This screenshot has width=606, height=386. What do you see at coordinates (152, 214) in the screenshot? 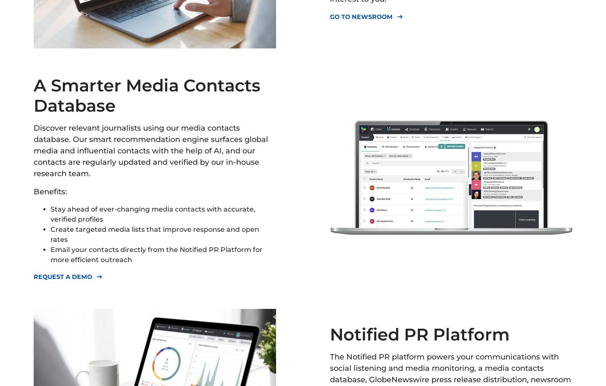
I see `'Stay ahead of ever-changing media contacts with accurate, verified profiles'` at bounding box center [152, 214].